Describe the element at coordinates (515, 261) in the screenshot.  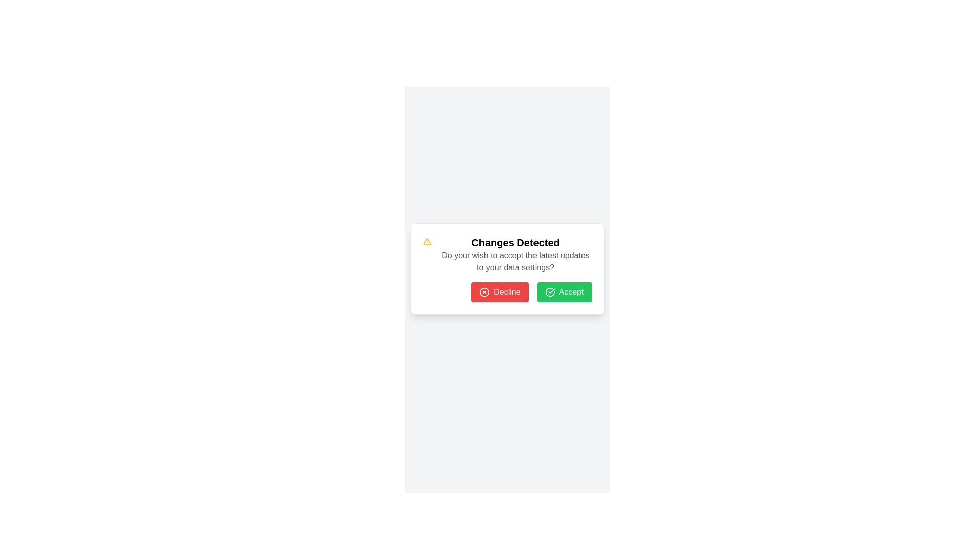
I see `the static text block that provides explanatory text related to the modal's content, positioned directly beneath the 'Changes Detected' text` at that location.